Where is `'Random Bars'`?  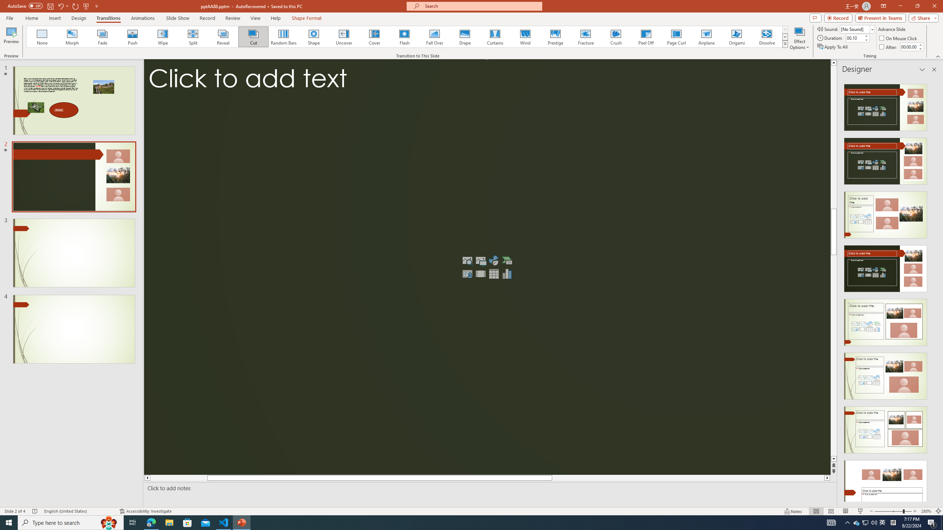
'Random Bars' is located at coordinates (284, 36).